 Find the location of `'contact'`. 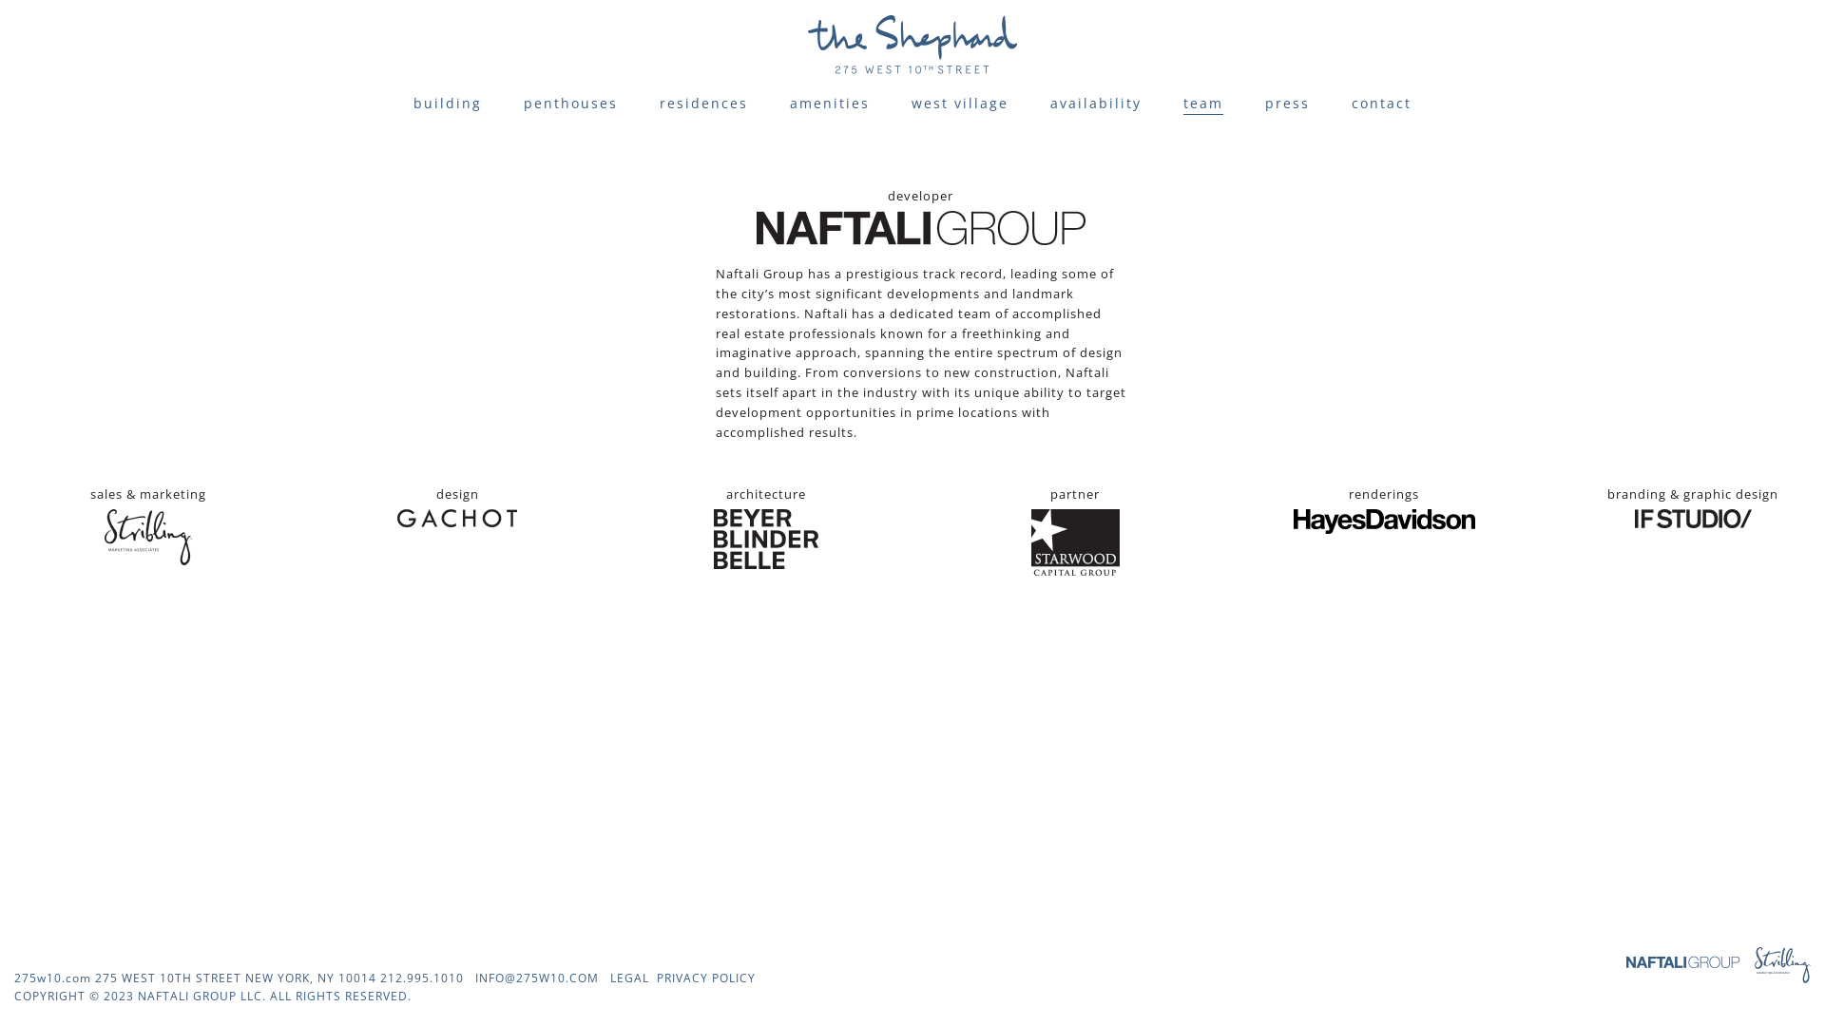

'contact' is located at coordinates (1381, 103).